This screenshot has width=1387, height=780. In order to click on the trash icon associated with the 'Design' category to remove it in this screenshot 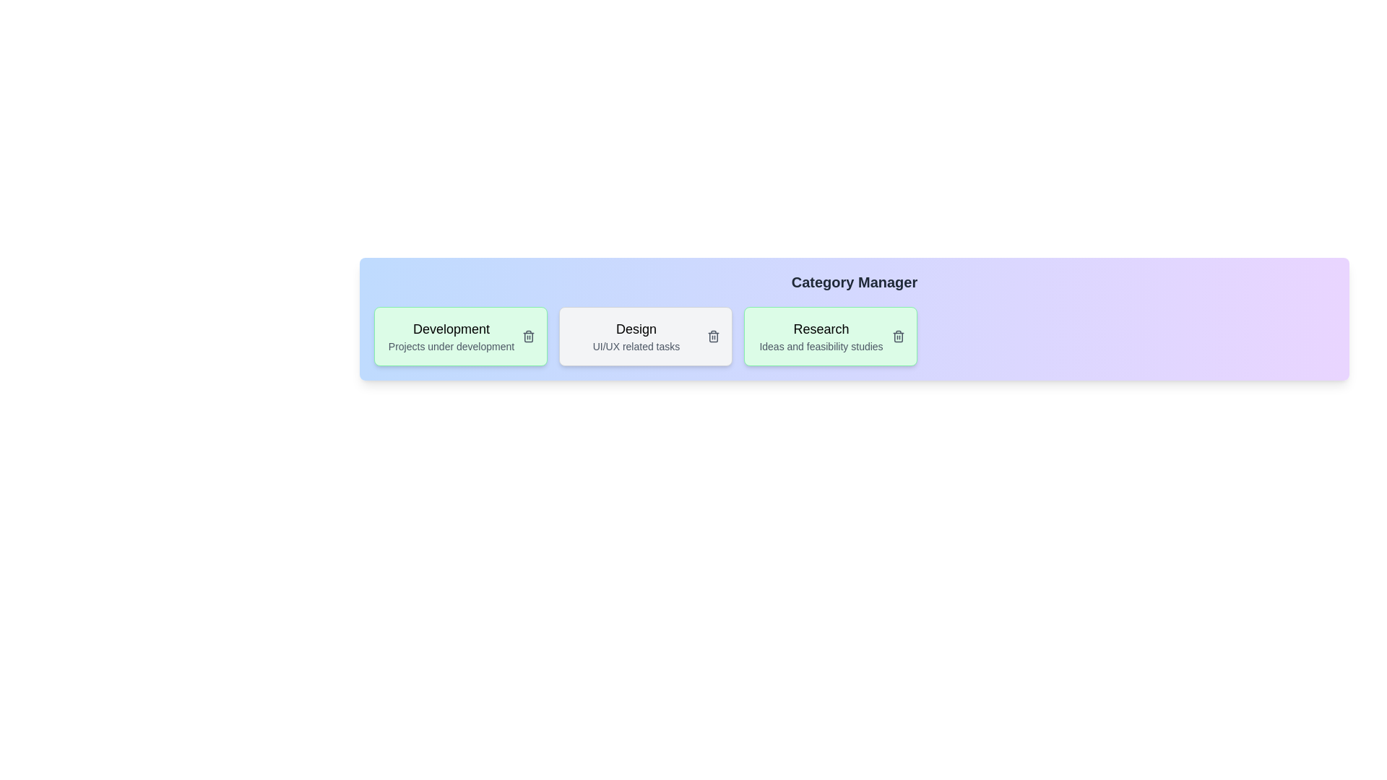, I will do `click(714, 337)`.